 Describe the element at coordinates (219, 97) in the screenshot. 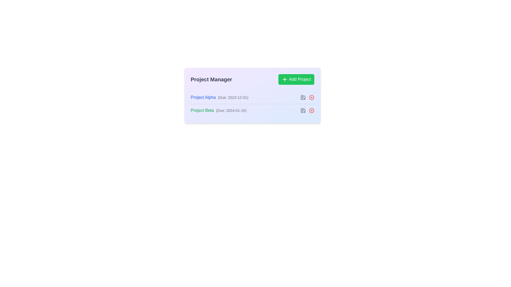

I see `the Text display element that shows the title and due date of a project, located in the first row of the projects list in the Project Manager interface` at that location.